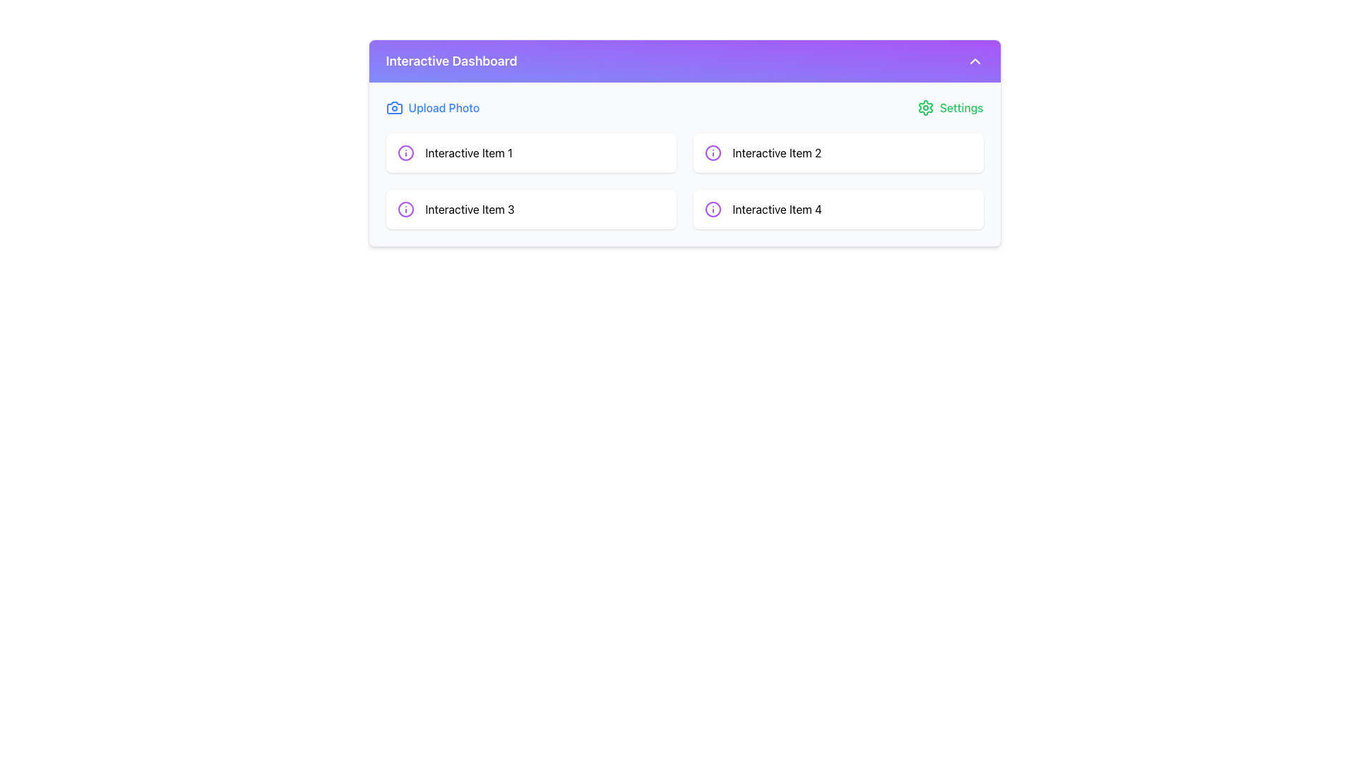 Image resolution: width=1356 pixels, height=762 pixels. Describe the element at coordinates (451, 61) in the screenshot. I see `text 'Interactive Dashboard' located in the white bold header on the left side of the purple gradient header bar at the top of the interface` at that location.